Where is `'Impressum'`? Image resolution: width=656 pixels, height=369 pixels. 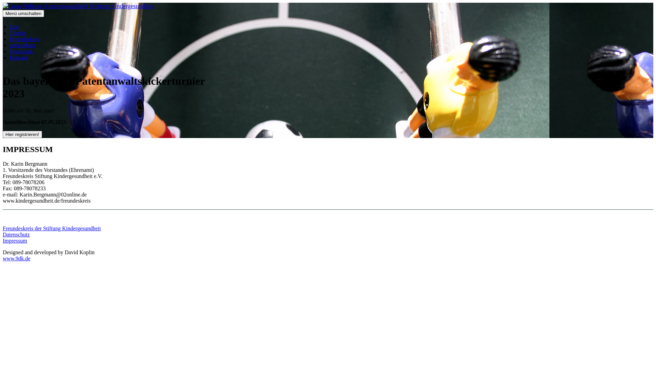 'Impressum' is located at coordinates (15, 240).